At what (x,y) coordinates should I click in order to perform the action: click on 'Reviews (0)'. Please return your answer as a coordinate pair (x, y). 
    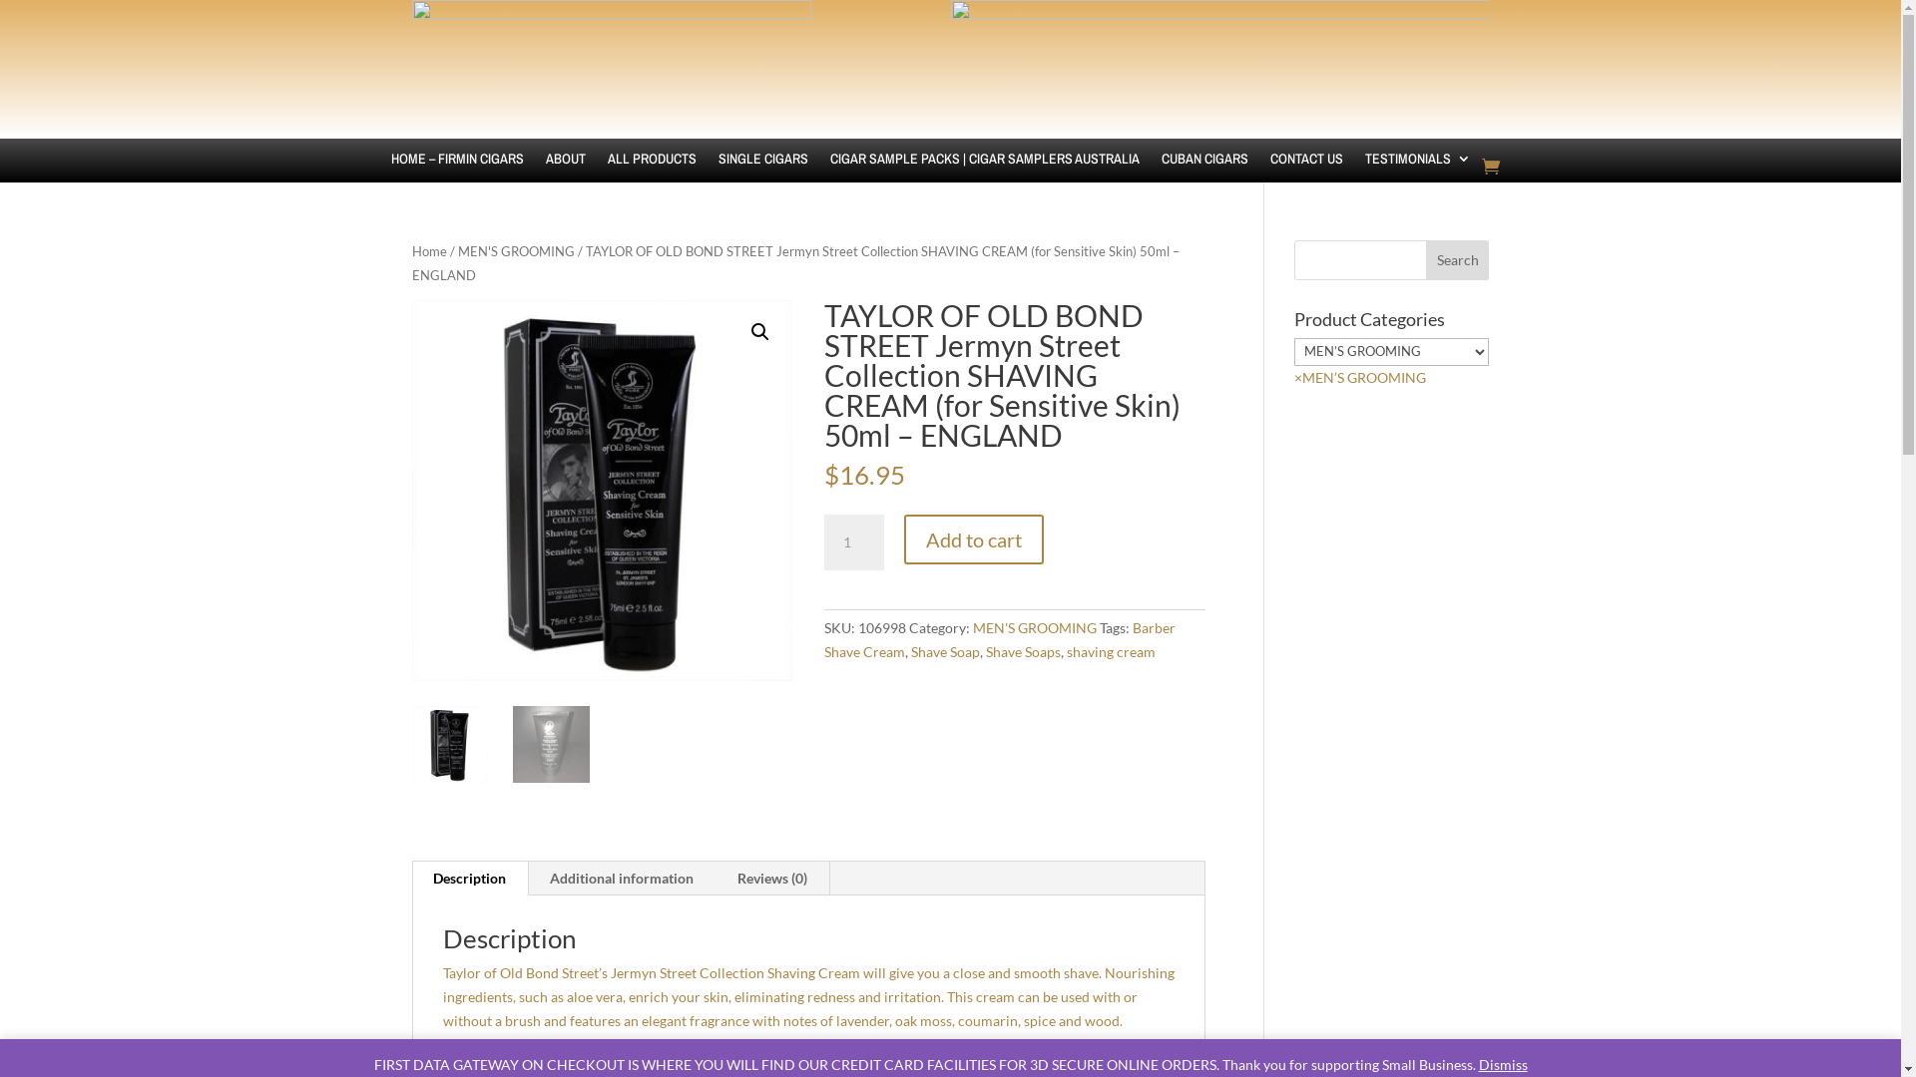
    Looking at the image, I should click on (769, 877).